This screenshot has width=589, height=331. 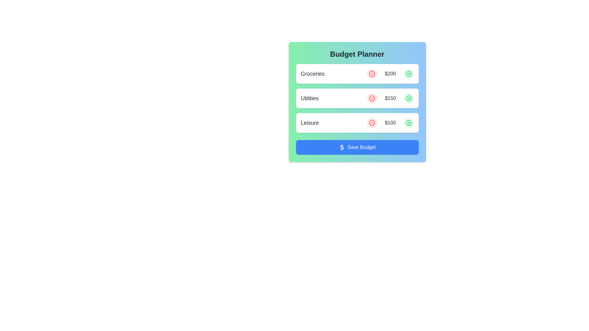 I want to click on the circular '+' icon button in the 'Budget Planner' interface, so click(x=409, y=123).